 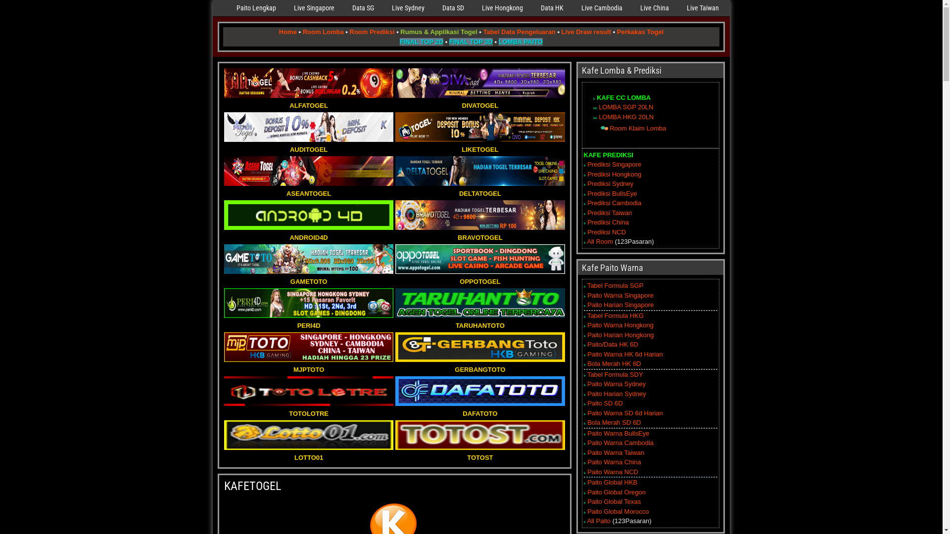 I want to click on 'Data SG', so click(x=363, y=8).